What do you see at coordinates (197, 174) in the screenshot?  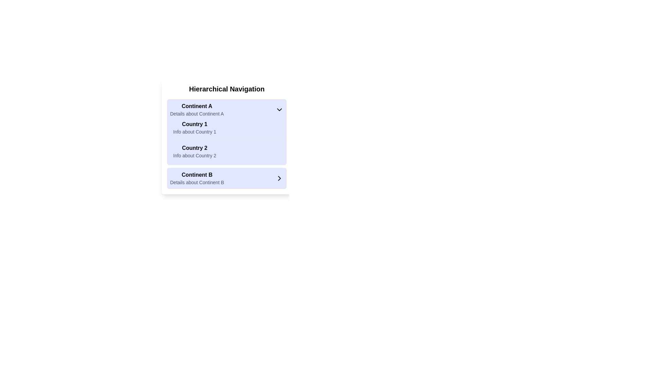 I see `the bold text label 'Continent B' in the navigation panel, which serves as a header for related information` at bounding box center [197, 174].